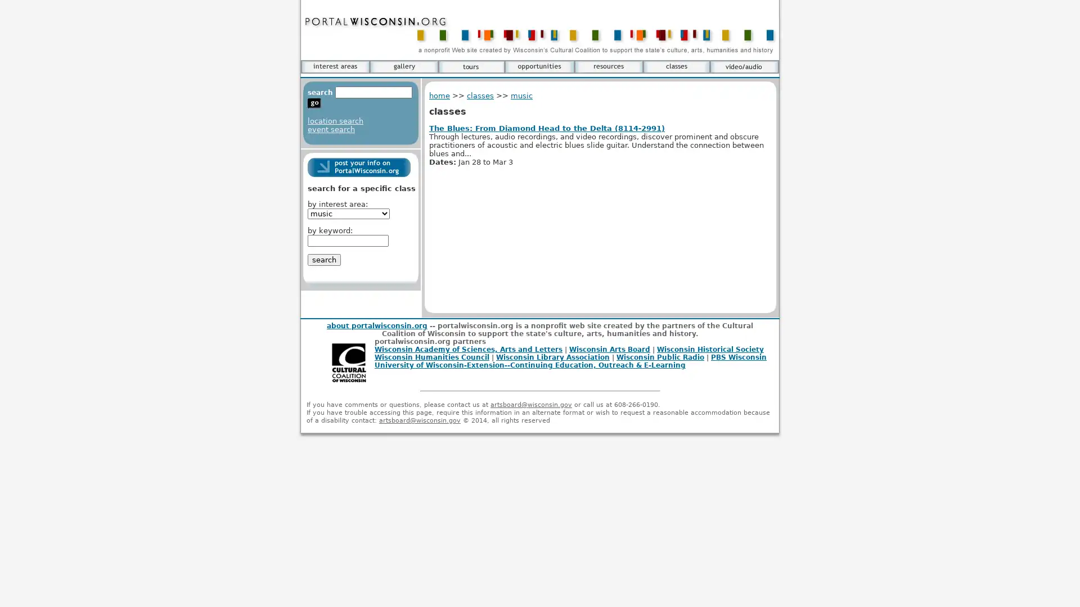 The width and height of the screenshot is (1080, 607). Describe the element at coordinates (314, 103) in the screenshot. I see `go` at that location.